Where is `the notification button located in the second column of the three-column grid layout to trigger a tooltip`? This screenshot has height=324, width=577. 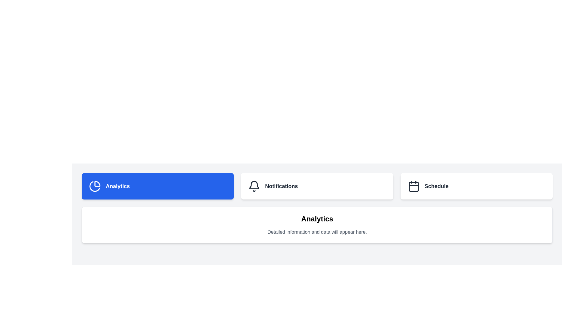 the notification button located in the second column of the three-column grid layout to trigger a tooltip is located at coordinates (317, 186).